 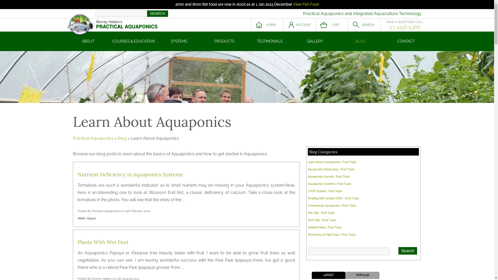 I want to click on 'Tech Talk', so click(x=313, y=220).